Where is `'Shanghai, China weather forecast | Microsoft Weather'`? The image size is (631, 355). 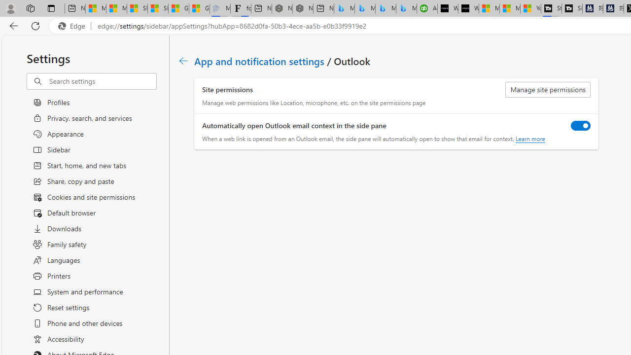 'Shanghai, China weather forecast | Microsoft Weather' is located at coordinates (158, 8).